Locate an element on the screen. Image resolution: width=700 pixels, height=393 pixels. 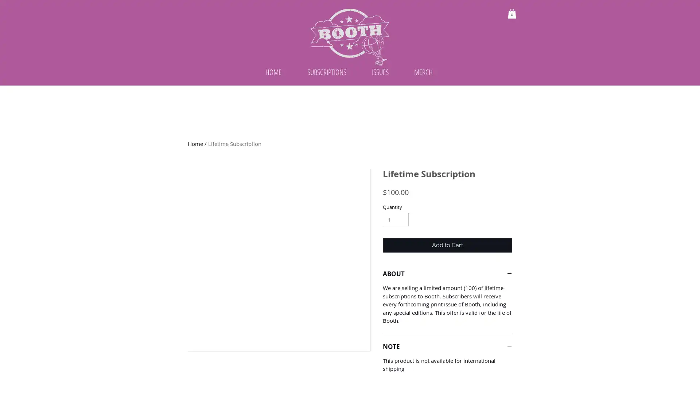
ABOUT is located at coordinates (447, 292).